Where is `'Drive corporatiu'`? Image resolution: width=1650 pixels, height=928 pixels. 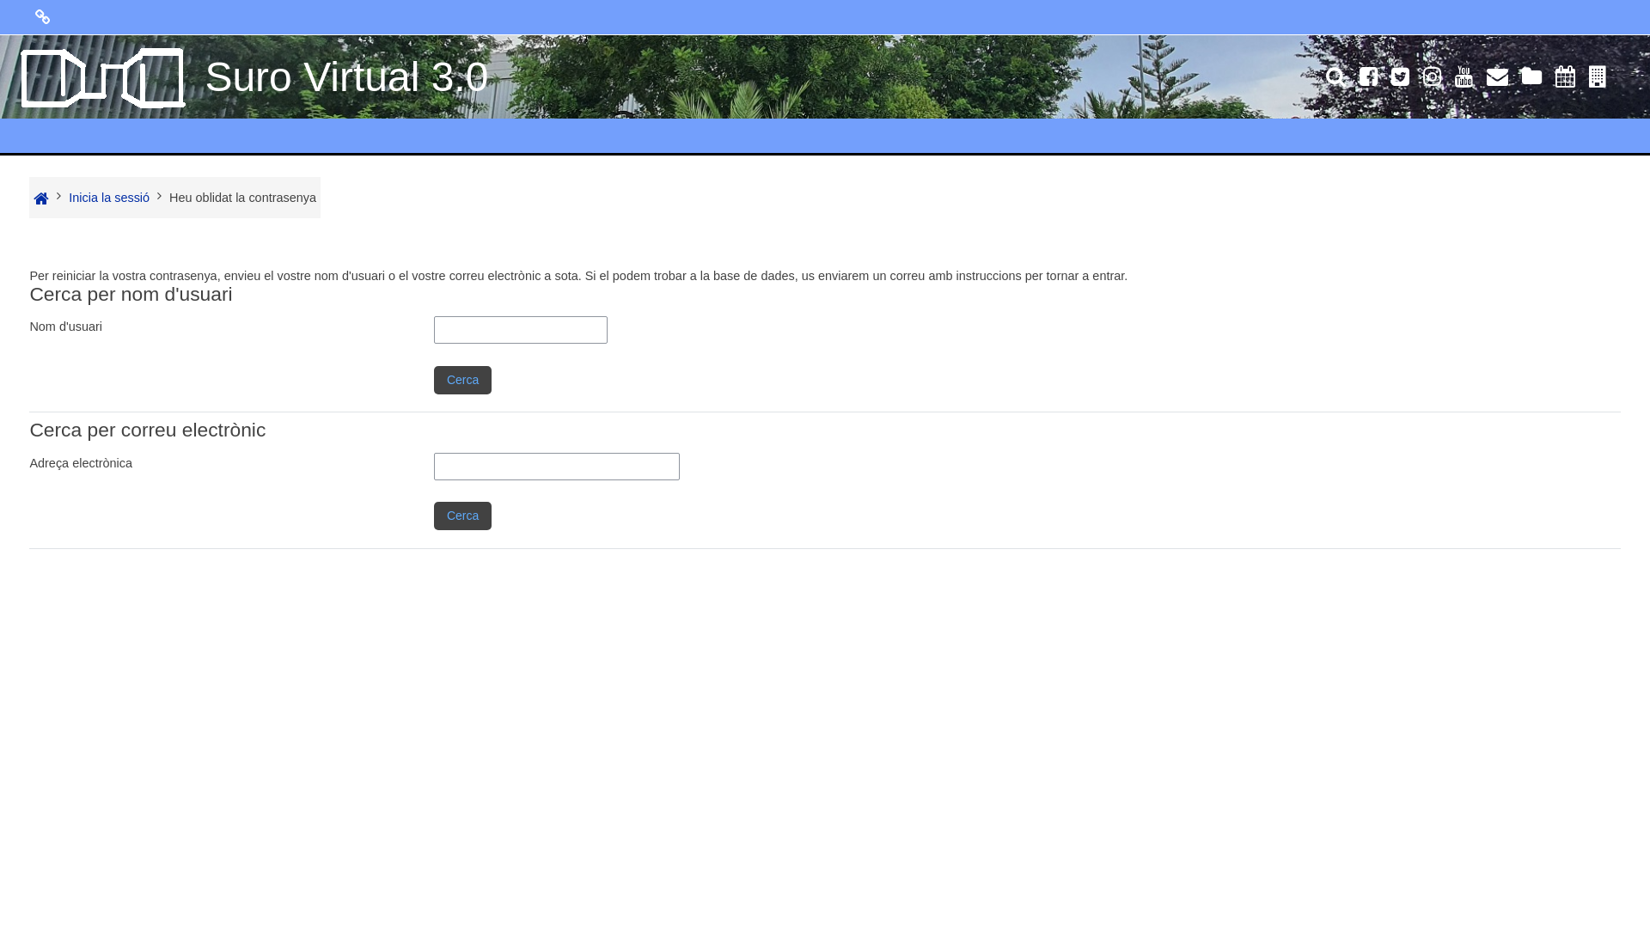 'Drive corporatiu' is located at coordinates (1531, 79).